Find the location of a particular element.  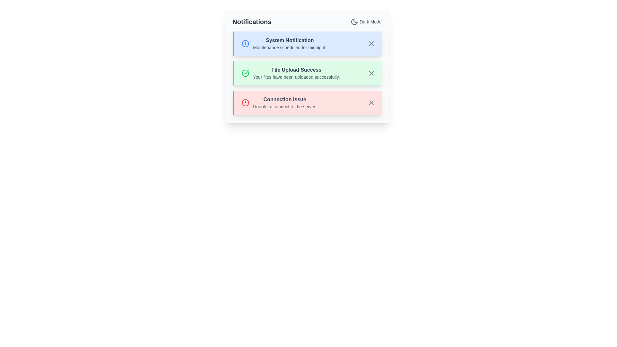

the 'Dark Mode' text label located at the upper-right corner of the notifications widget, adjacent to the moon icon is located at coordinates (371, 22).